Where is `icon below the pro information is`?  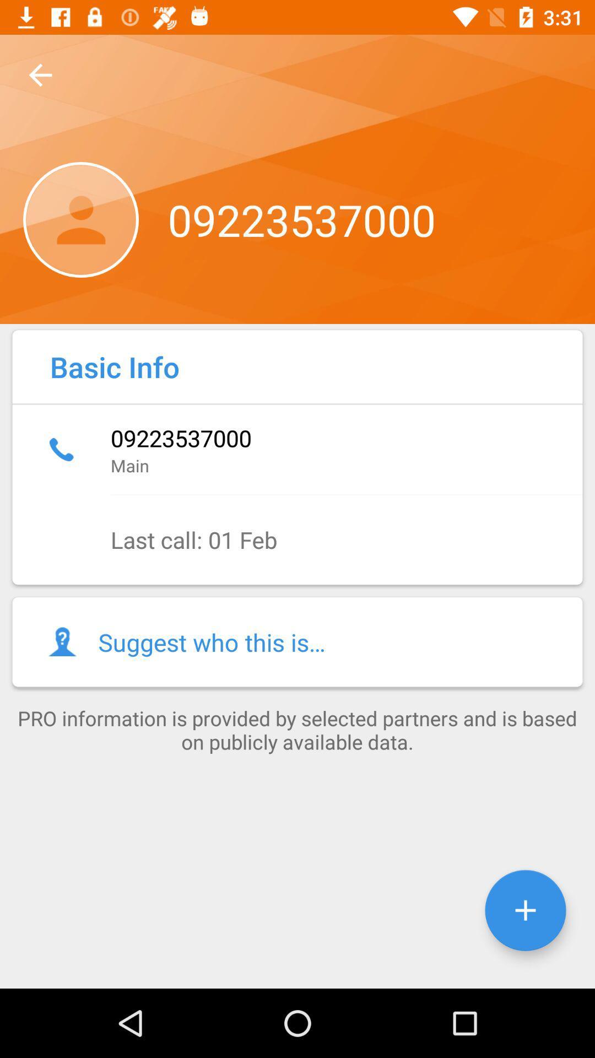 icon below the pro information is is located at coordinates (524, 910).